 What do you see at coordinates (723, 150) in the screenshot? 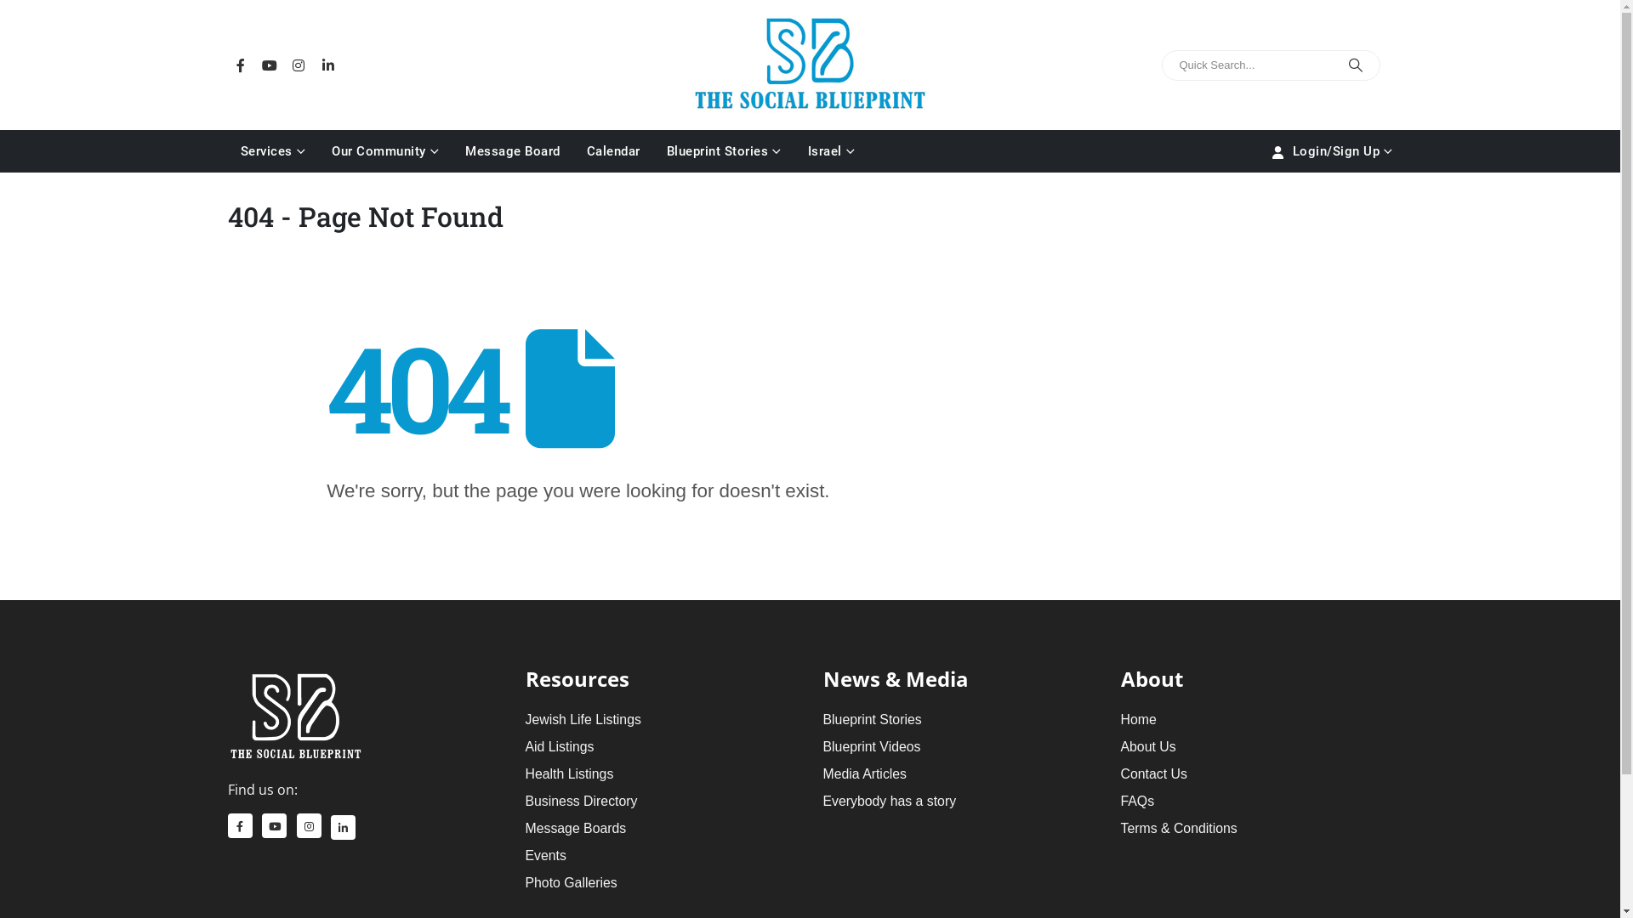
I see `'Blueprint Stories'` at bounding box center [723, 150].